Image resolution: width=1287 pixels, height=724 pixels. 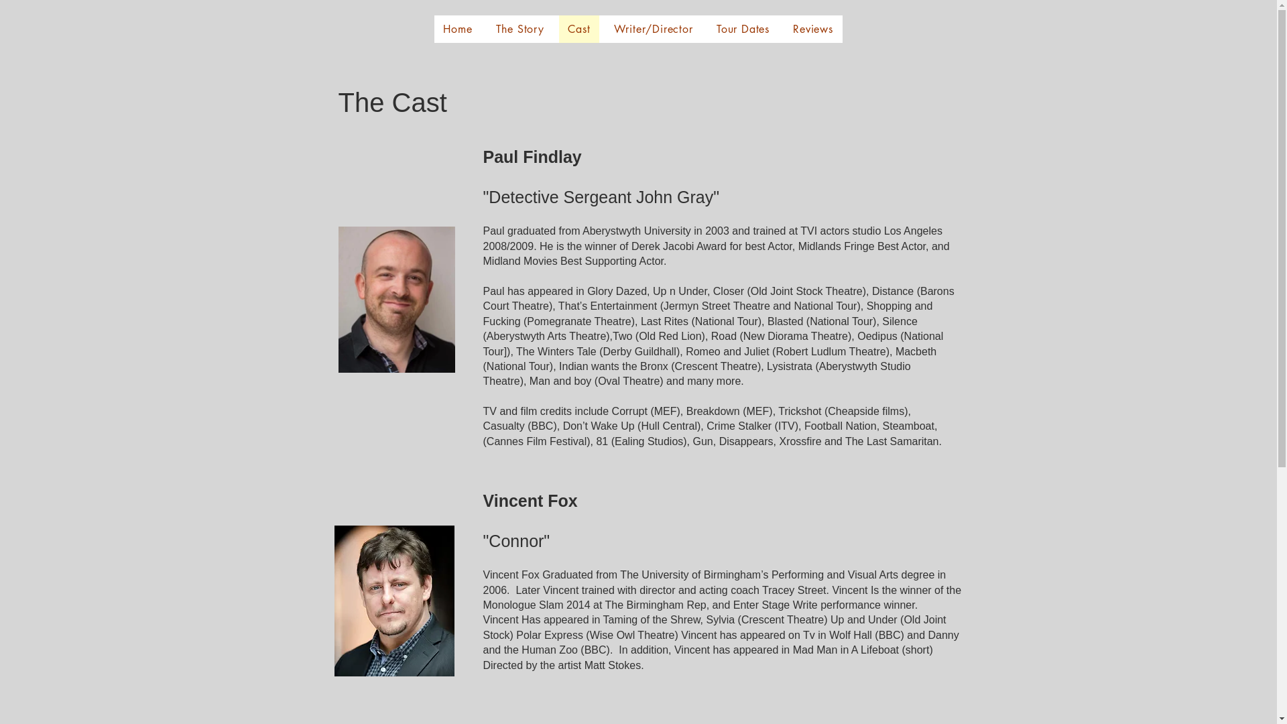 I want to click on 'Home', so click(x=458, y=29).